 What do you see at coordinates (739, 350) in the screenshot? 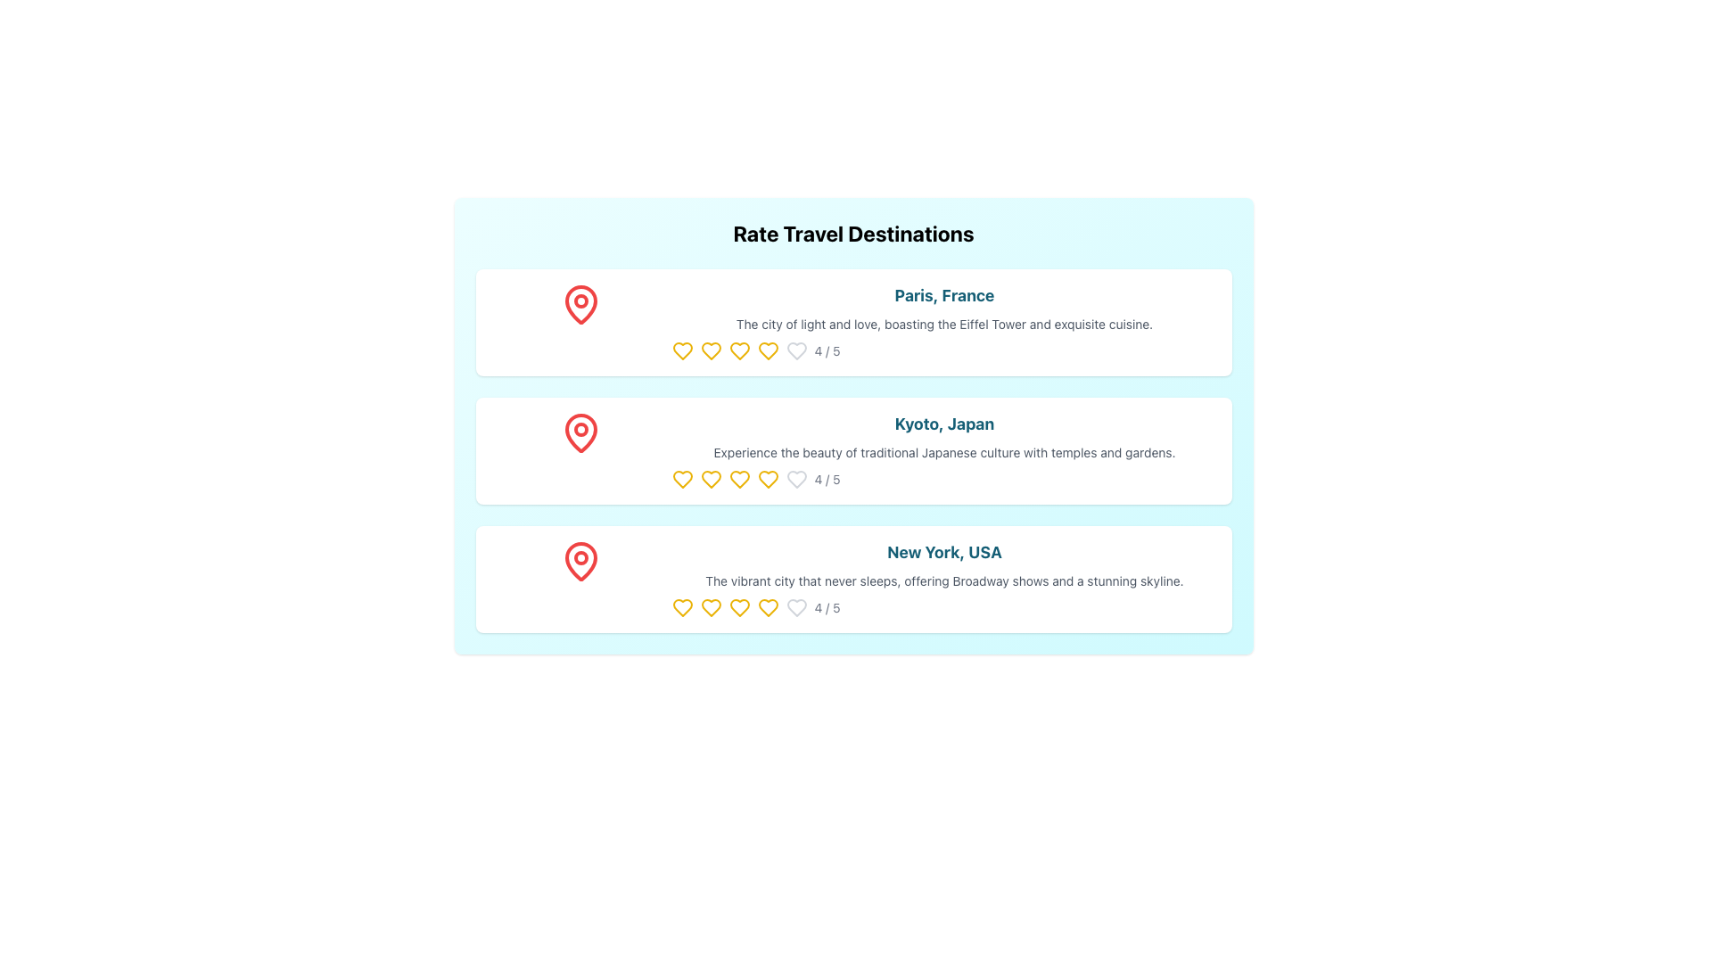
I see `on the third yellow heart icon in the rating system for 'Paris, France'` at bounding box center [739, 350].